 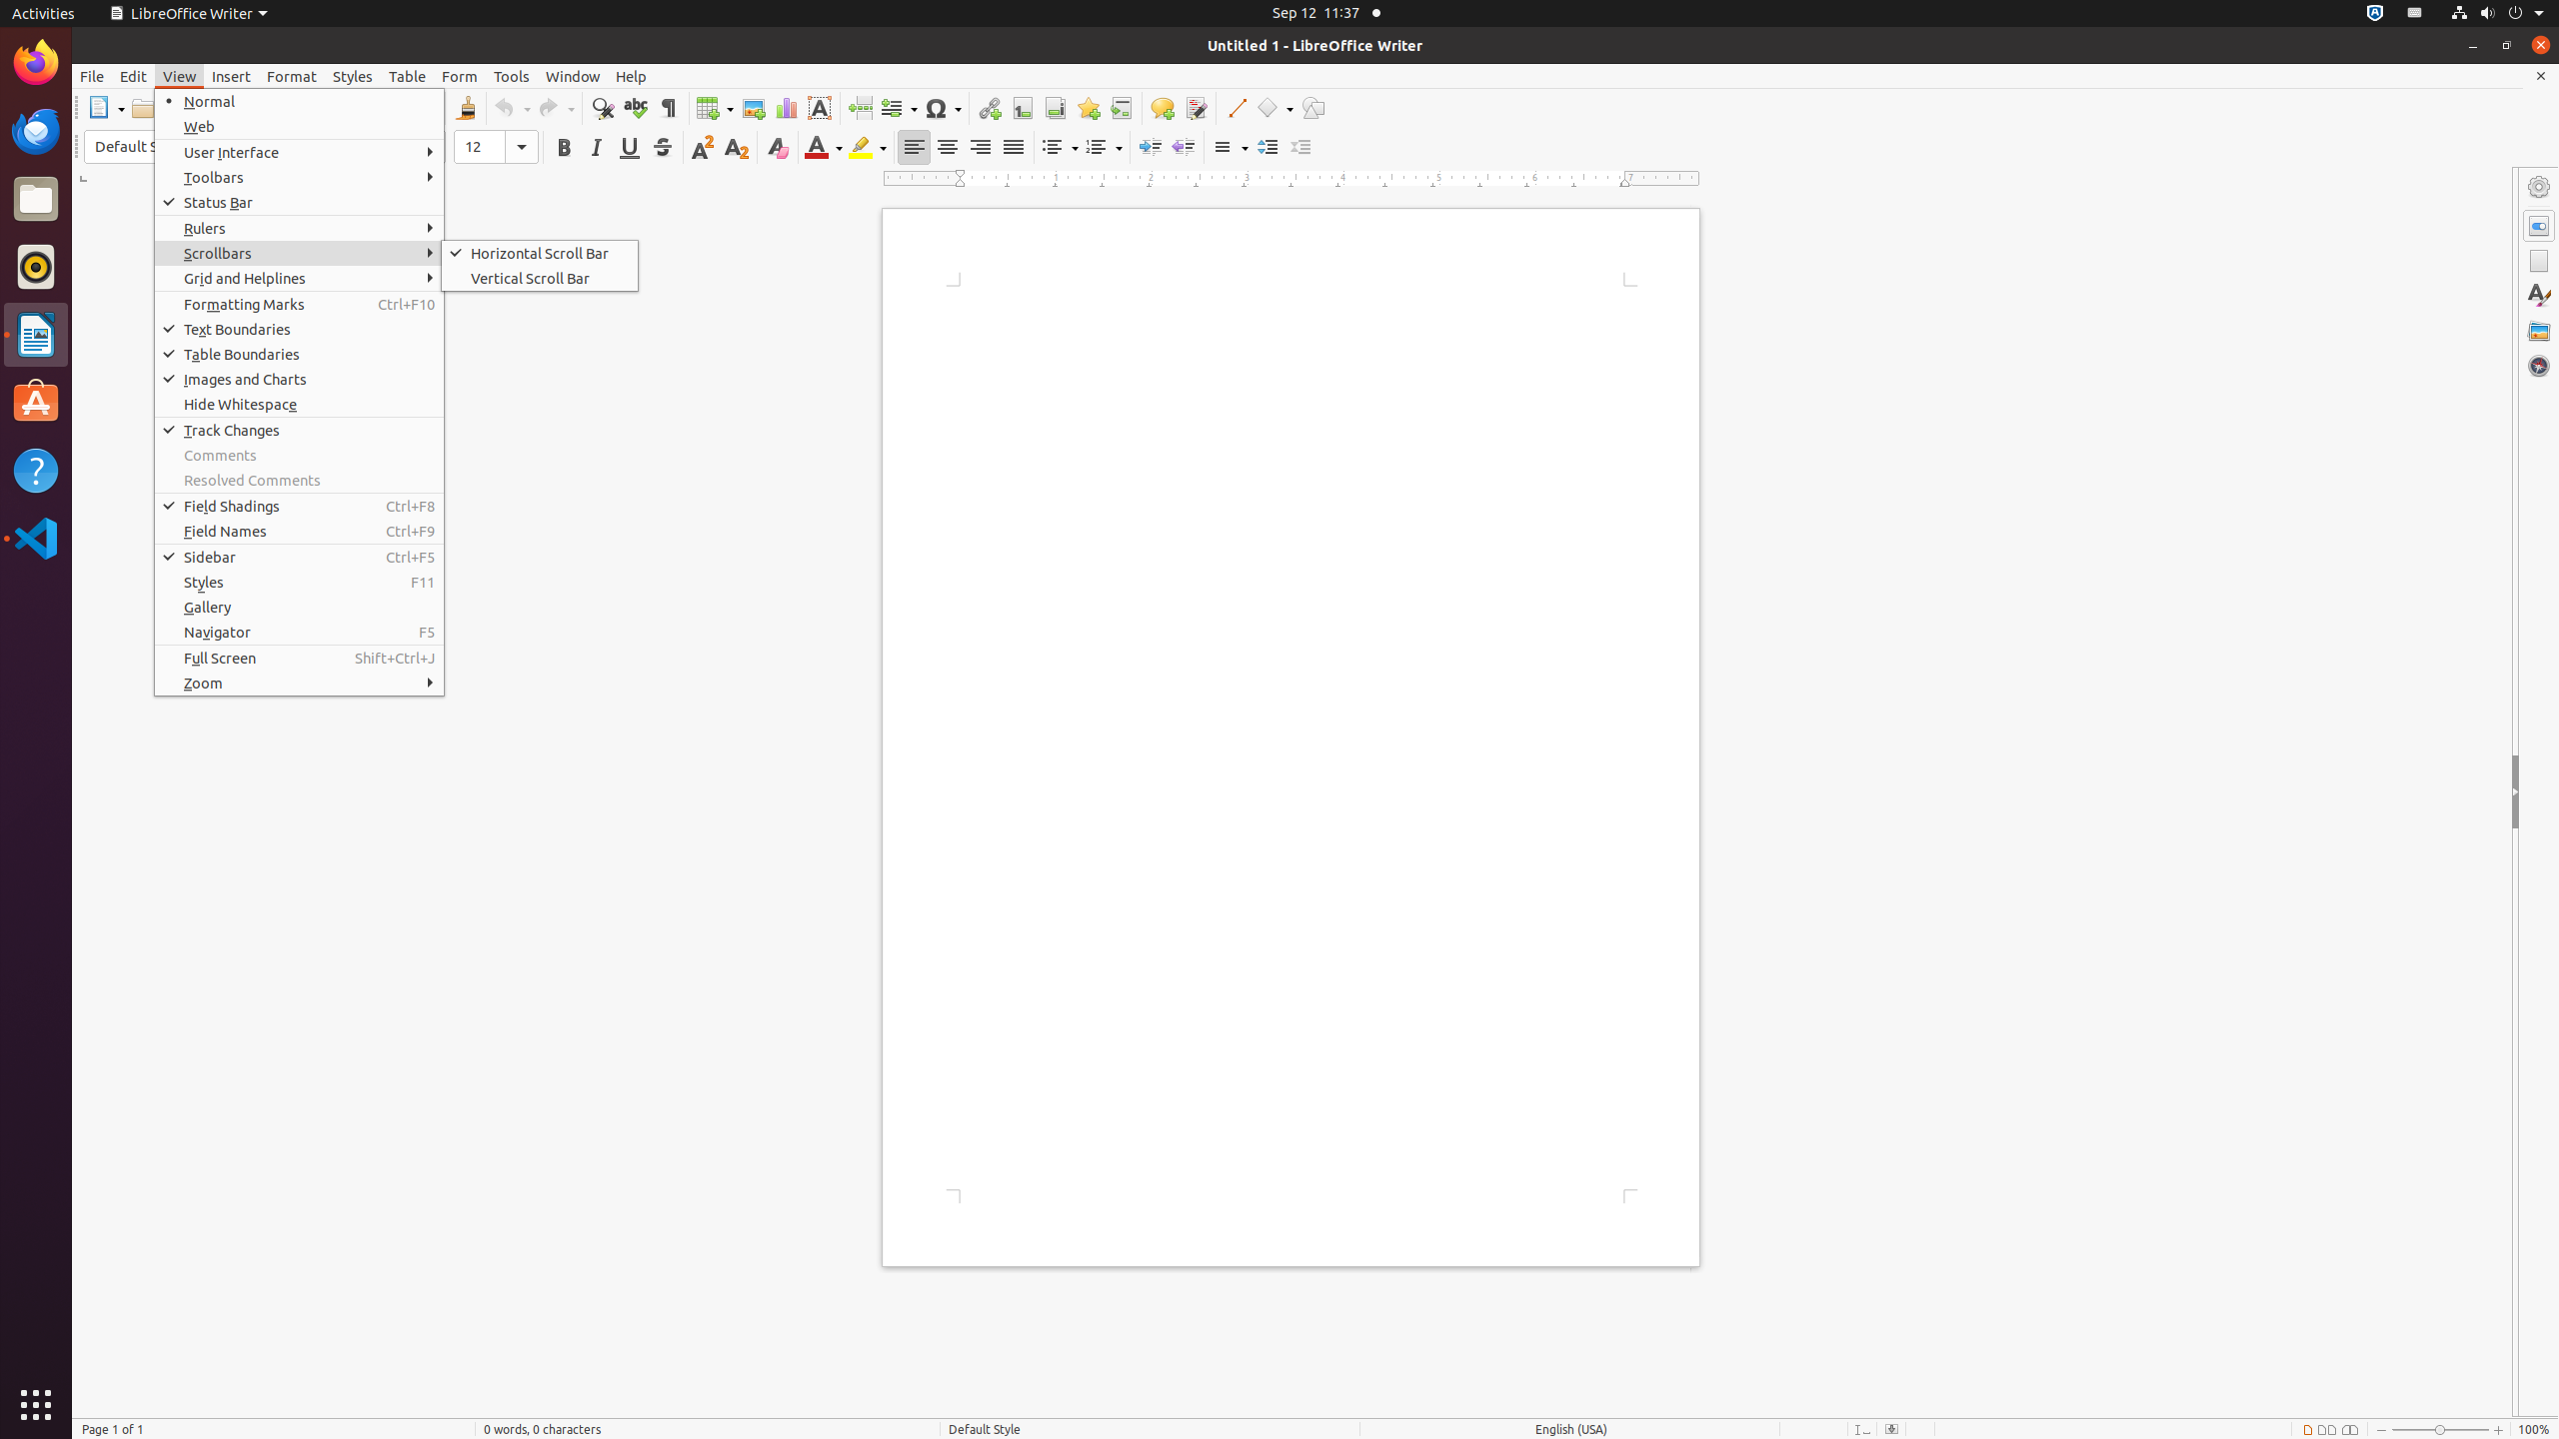 I want to click on 'Cross-reference', so click(x=1121, y=107).